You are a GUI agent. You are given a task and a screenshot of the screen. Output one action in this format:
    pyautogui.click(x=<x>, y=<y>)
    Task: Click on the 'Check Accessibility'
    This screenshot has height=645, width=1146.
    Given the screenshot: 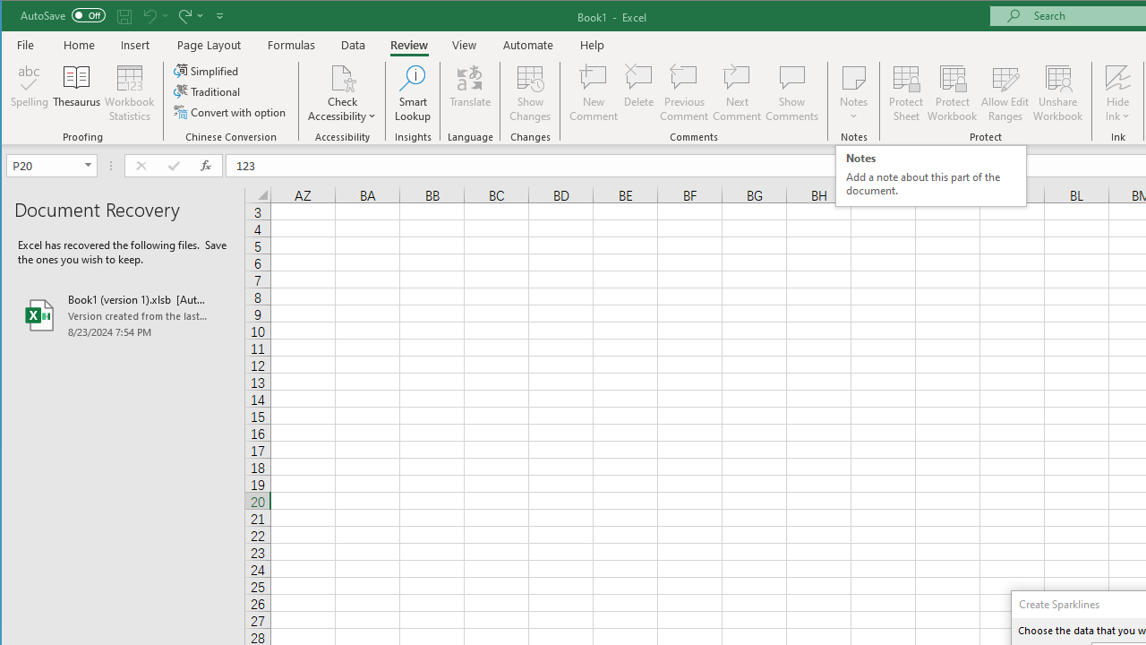 What is the action you would take?
    pyautogui.click(x=342, y=93)
    